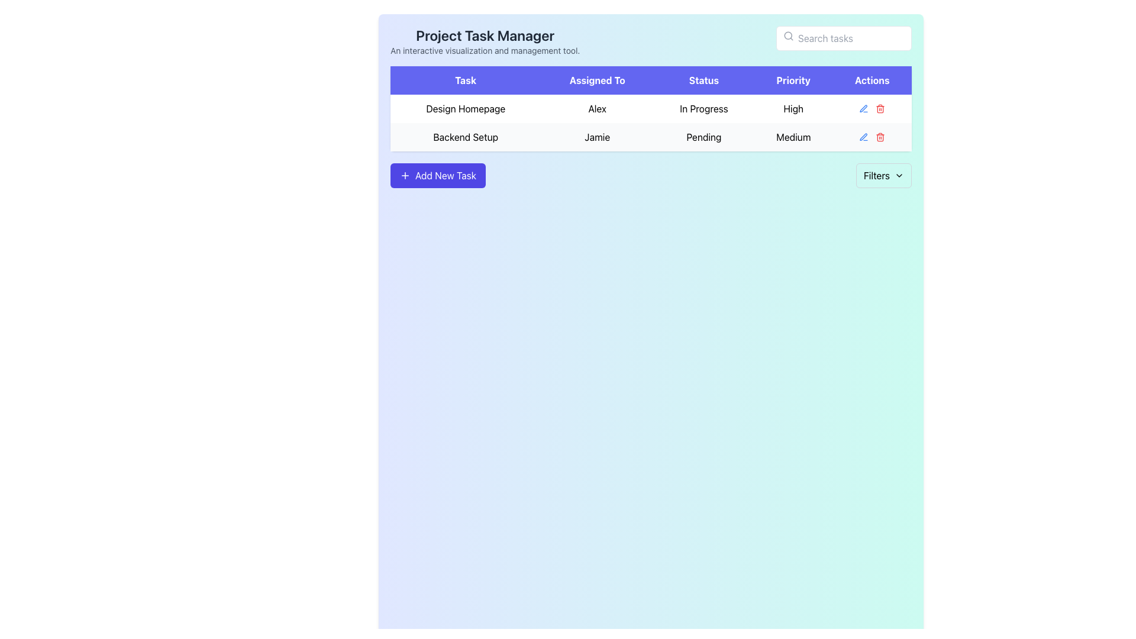  What do you see at coordinates (872, 136) in the screenshot?
I see `the Action Menu located in the 'Actions' column of the 'Backend Setup' row within the task table, which is the second row, last column at the far-right side of the visible table` at bounding box center [872, 136].